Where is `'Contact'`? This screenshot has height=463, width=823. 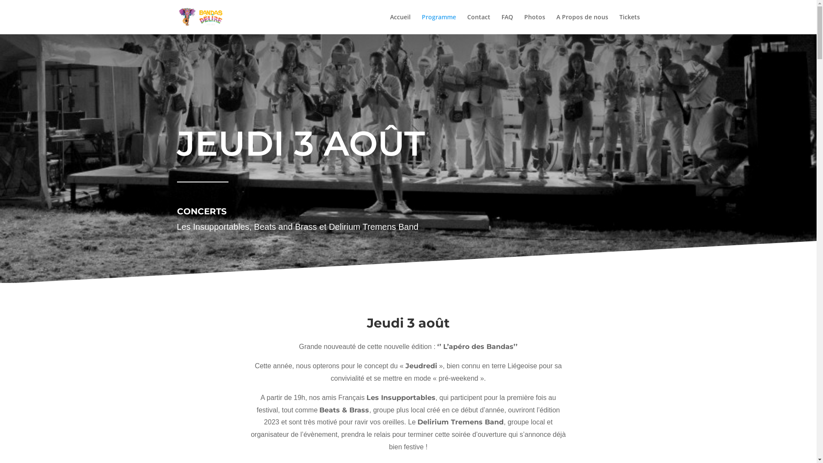 'Contact' is located at coordinates (478, 24).